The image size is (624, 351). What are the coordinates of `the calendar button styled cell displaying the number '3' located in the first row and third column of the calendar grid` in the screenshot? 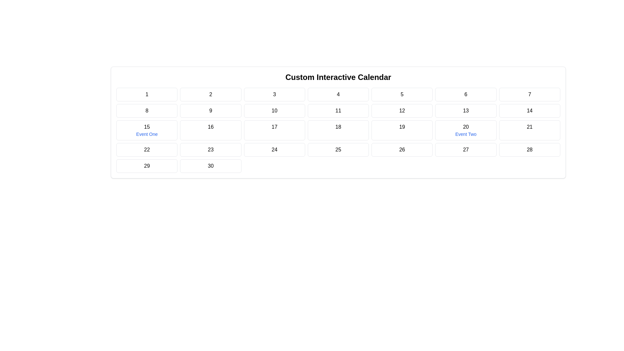 It's located at (274, 94).